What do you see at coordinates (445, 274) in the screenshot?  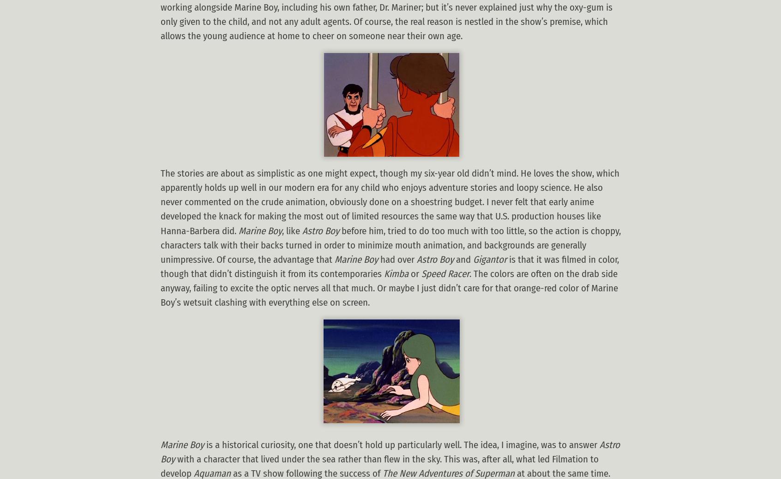 I see `'Speed Racer'` at bounding box center [445, 274].